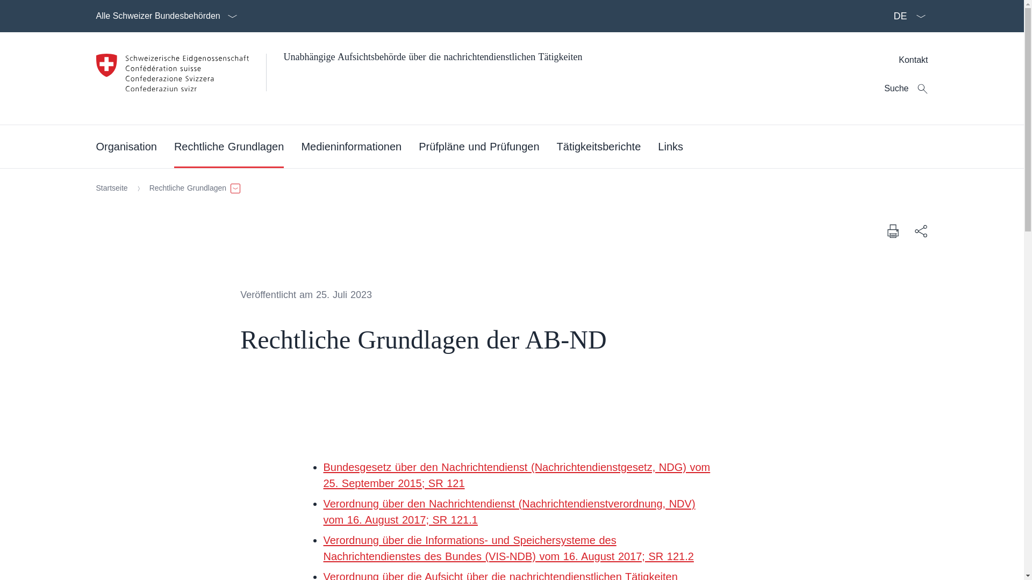 This screenshot has height=580, width=1032. I want to click on 'Kontakt', so click(913, 60).